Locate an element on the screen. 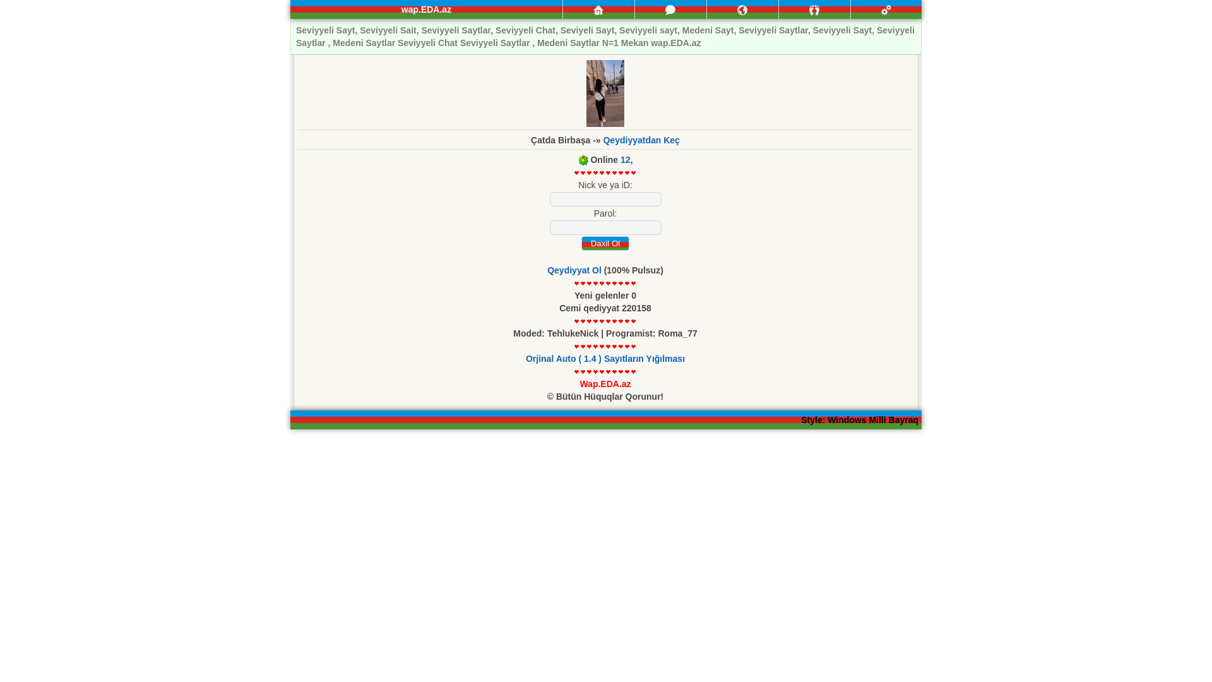 The height and width of the screenshot is (682, 1212). 'Daxil Ol' is located at coordinates (581, 243).